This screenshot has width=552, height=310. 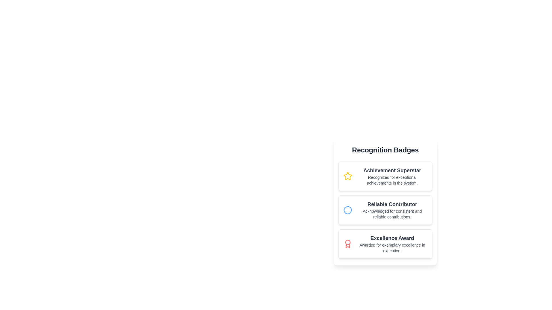 What do you see at coordinates (392, 248) in the screenshot?
I see `the descriptive text element located below the title 'Excellence Award' in the bottom-right corner of the interface` at bounding box center [392, 248].